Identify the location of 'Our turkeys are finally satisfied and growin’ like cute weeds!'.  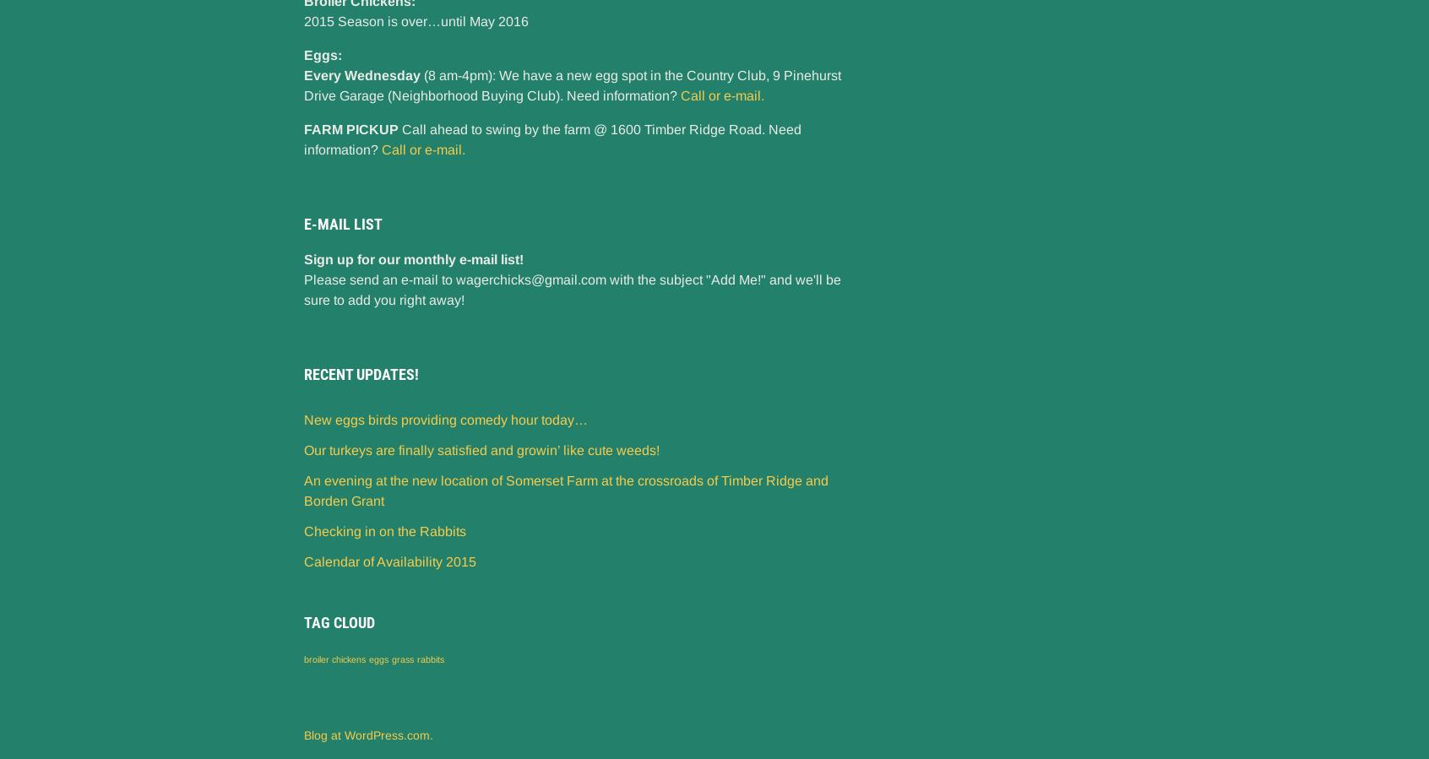
(481, 449).